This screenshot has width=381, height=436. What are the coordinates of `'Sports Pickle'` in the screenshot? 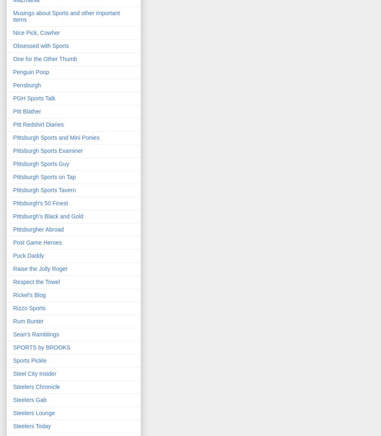 It's located at (29, 361).